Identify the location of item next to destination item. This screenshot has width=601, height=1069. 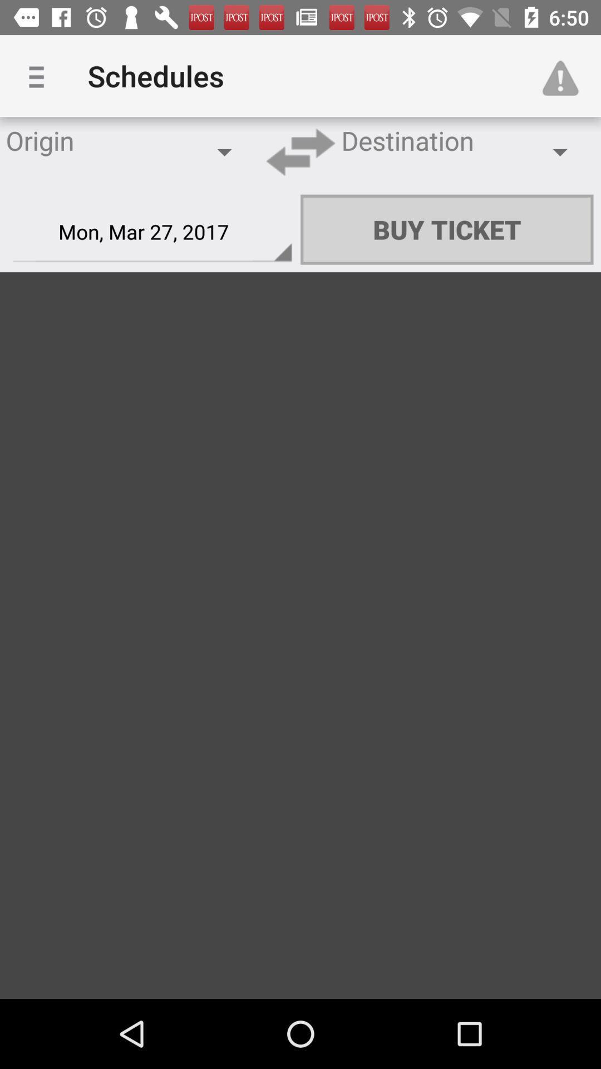
(300, 151).